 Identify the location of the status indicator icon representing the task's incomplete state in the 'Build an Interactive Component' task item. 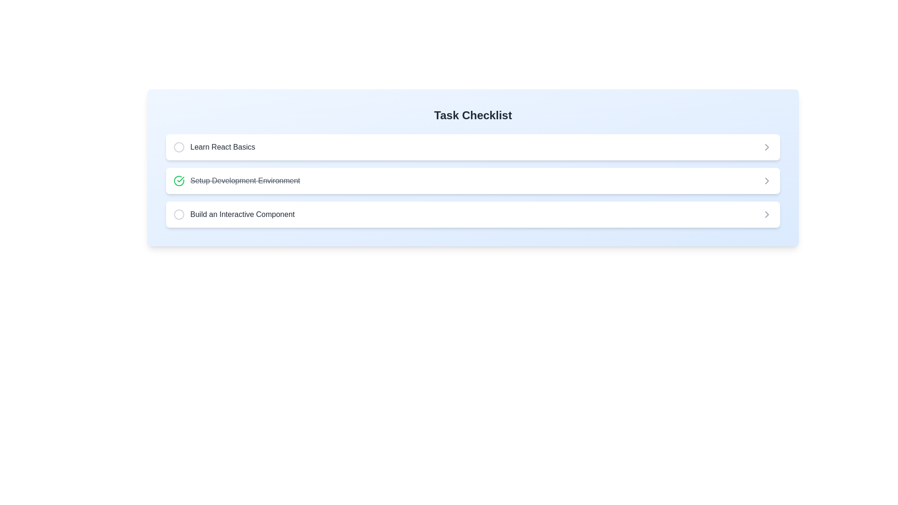
(179, 215).